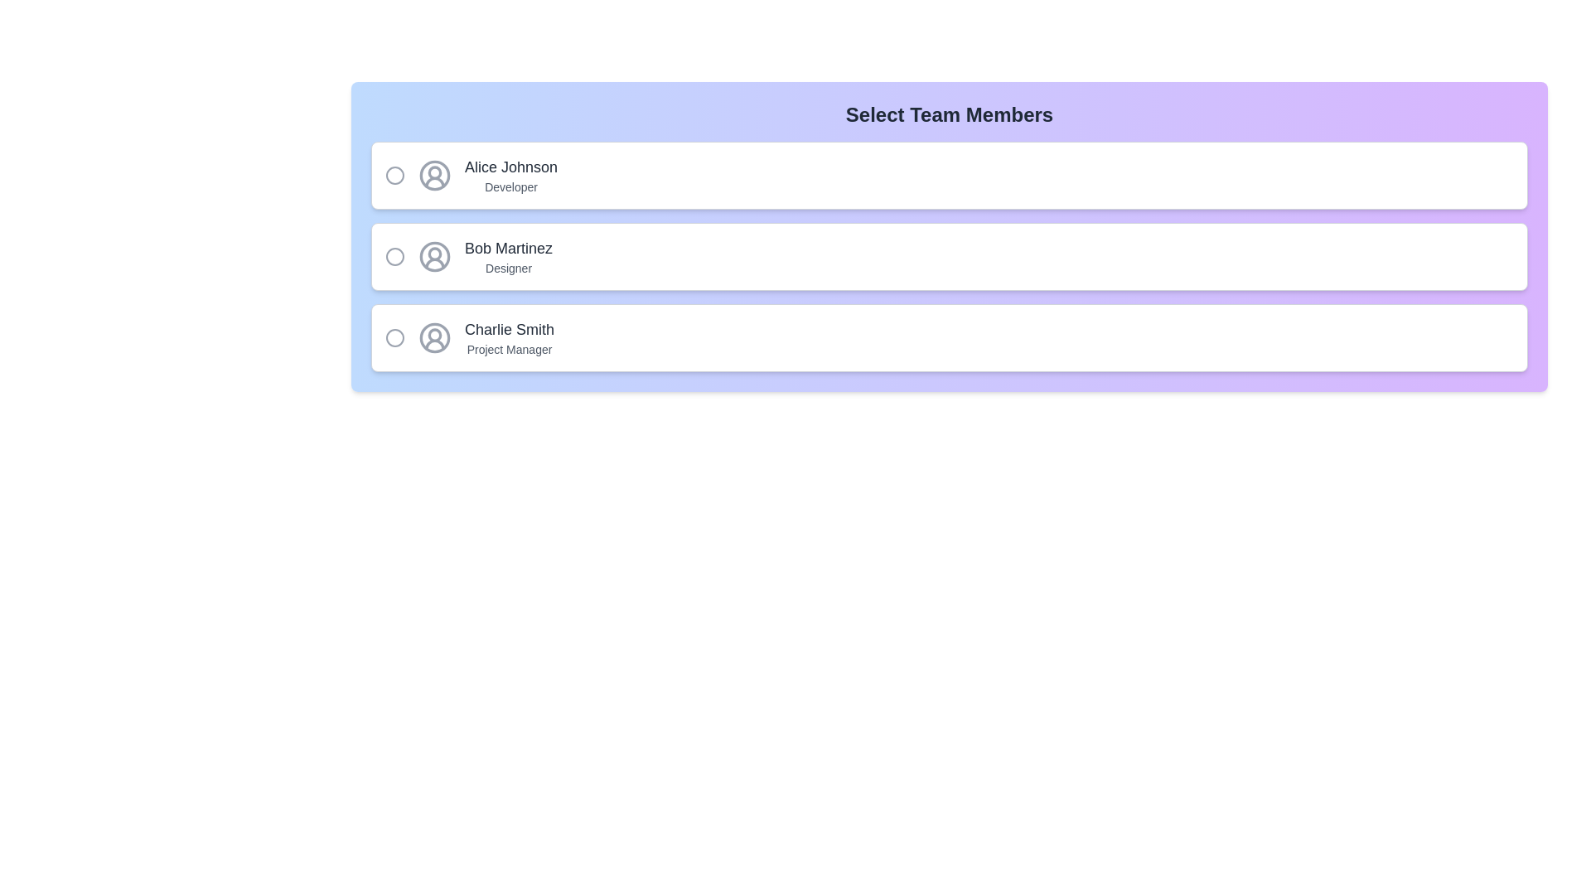 This screenshot has width=1591, height=895. What do you see at coordinates (434, 337) in the screenshot?
I see `the decorative SVG circle graphic representing the profile picture placeholder located on the right side of the third row under 'Select Team Members', adjacent to the 'Charlie Smith' label` at bounding box center [434, 337].